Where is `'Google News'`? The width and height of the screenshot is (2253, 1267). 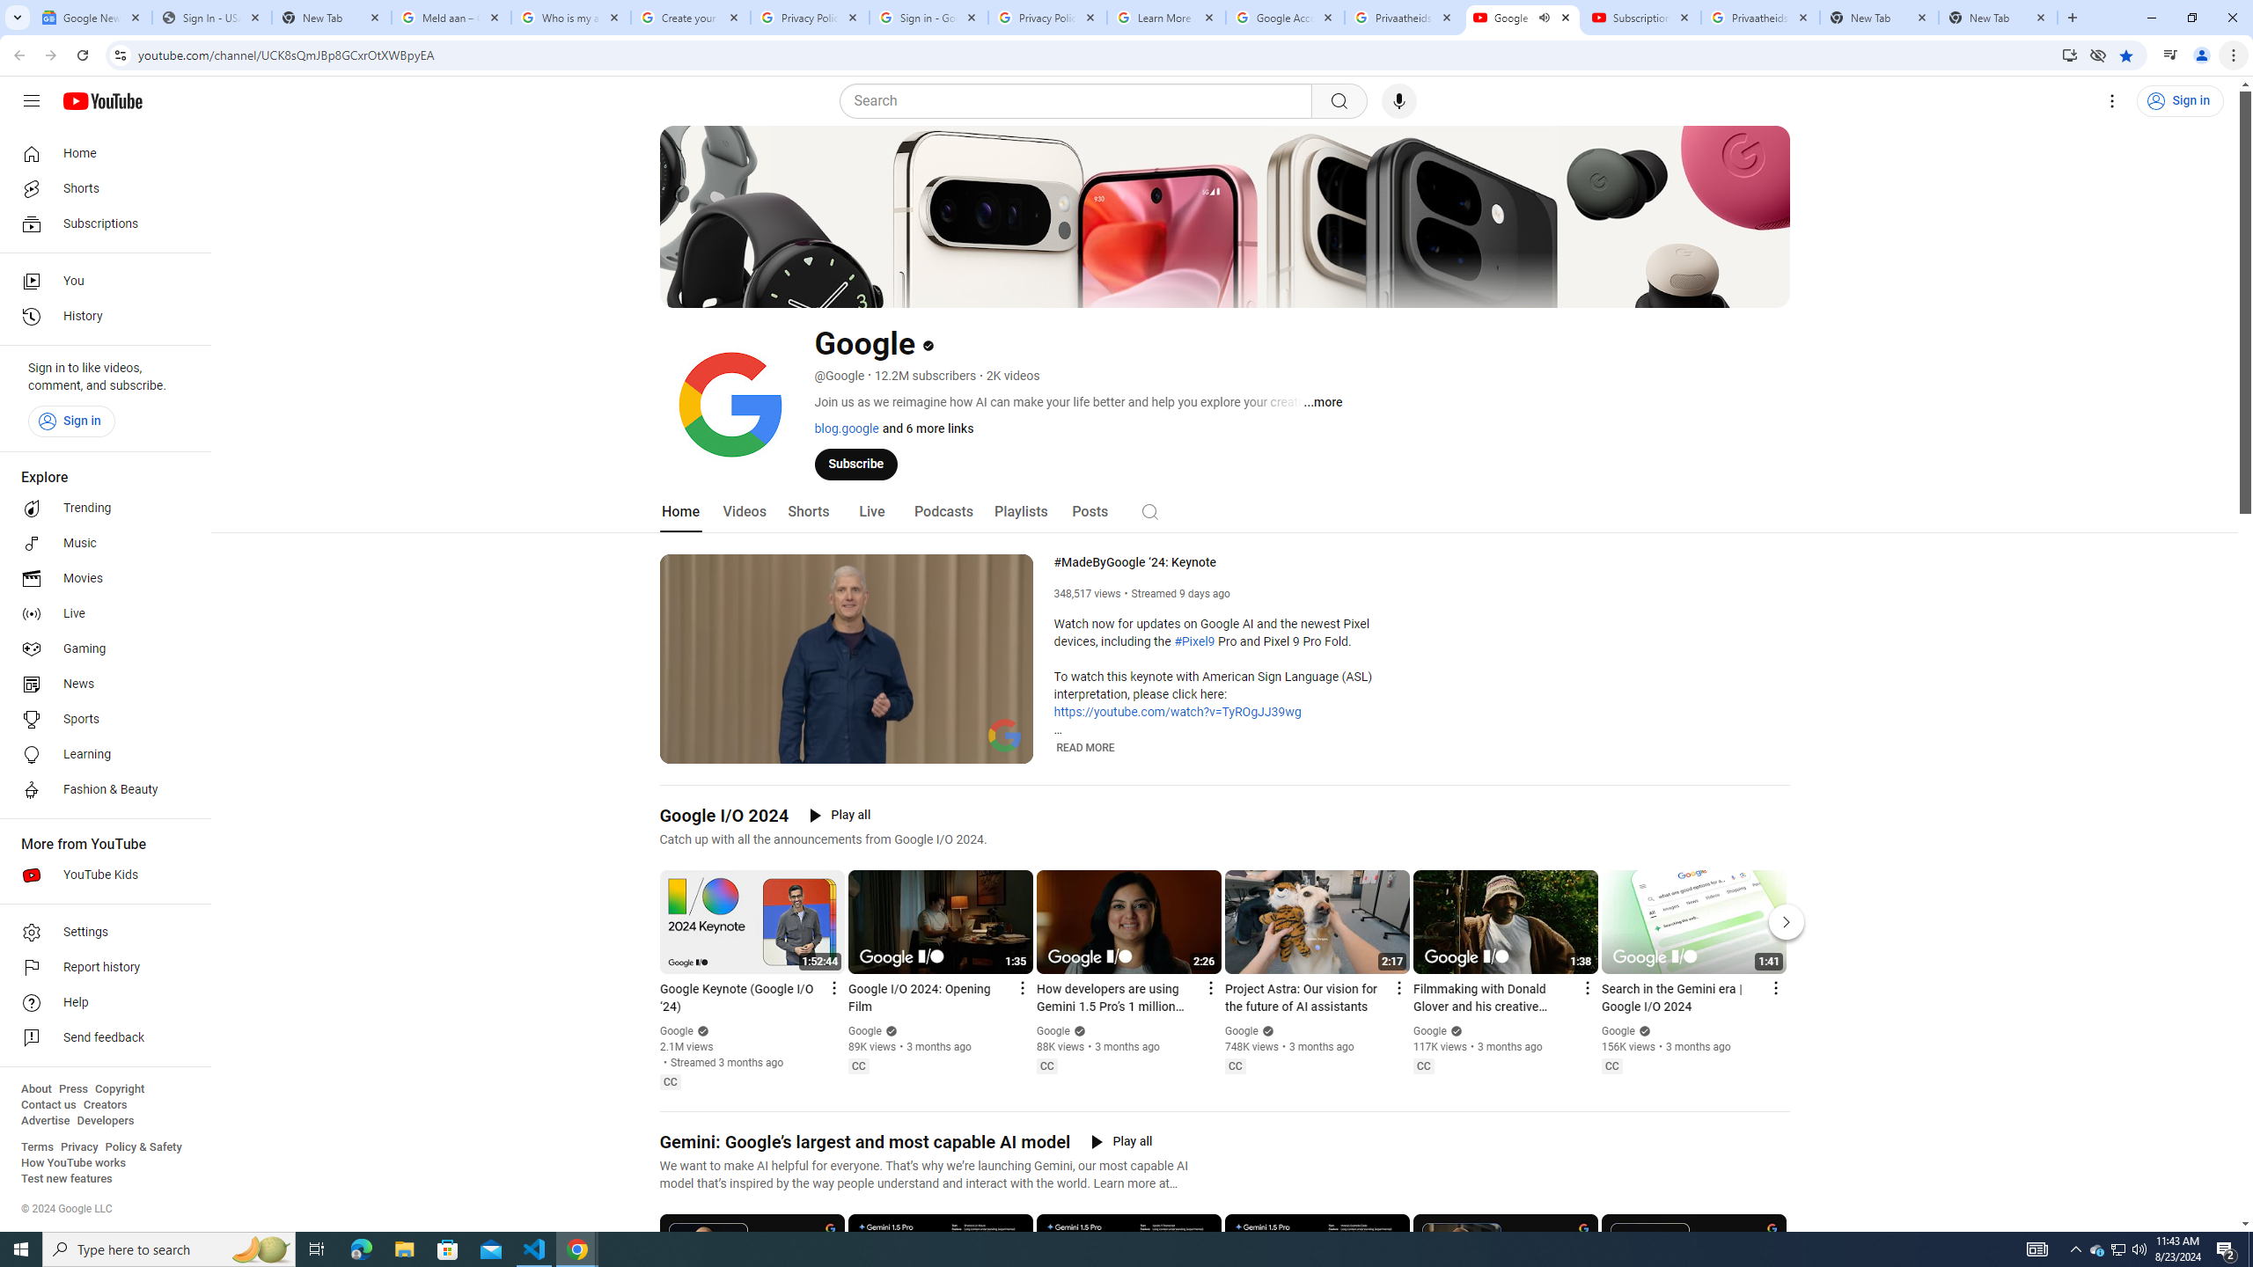 'Google News' is located at coordinates (91, 17).